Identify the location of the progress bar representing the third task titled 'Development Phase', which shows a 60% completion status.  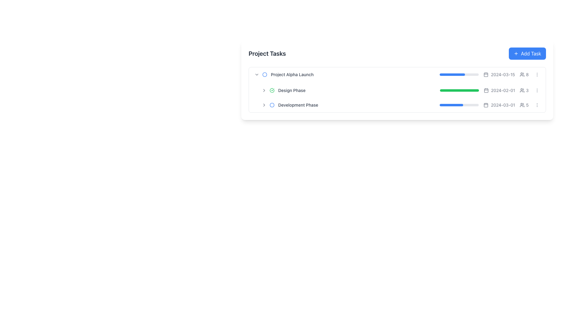
(459, 104).